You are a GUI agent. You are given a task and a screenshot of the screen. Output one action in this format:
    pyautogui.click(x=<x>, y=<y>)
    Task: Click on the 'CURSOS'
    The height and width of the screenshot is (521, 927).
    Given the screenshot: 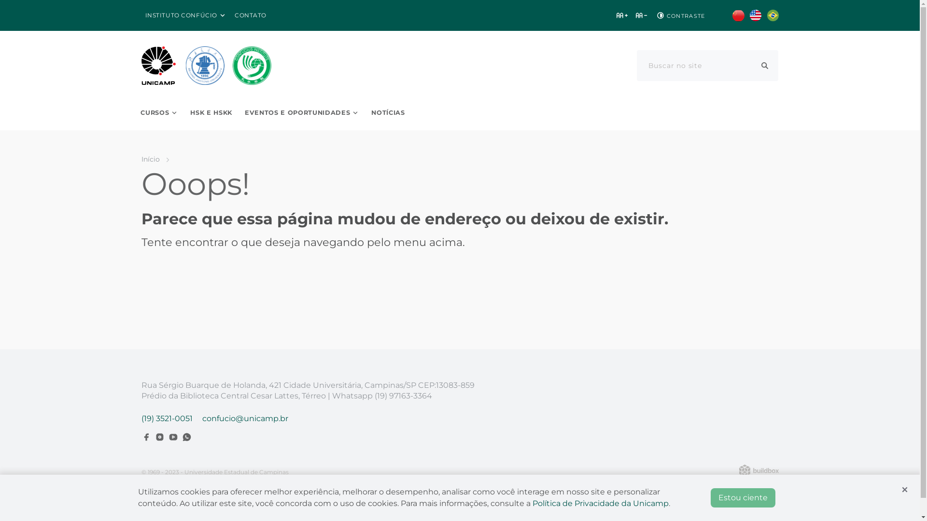 What is the action you would take?
    pyautogui.click(x=134, y=112)
    